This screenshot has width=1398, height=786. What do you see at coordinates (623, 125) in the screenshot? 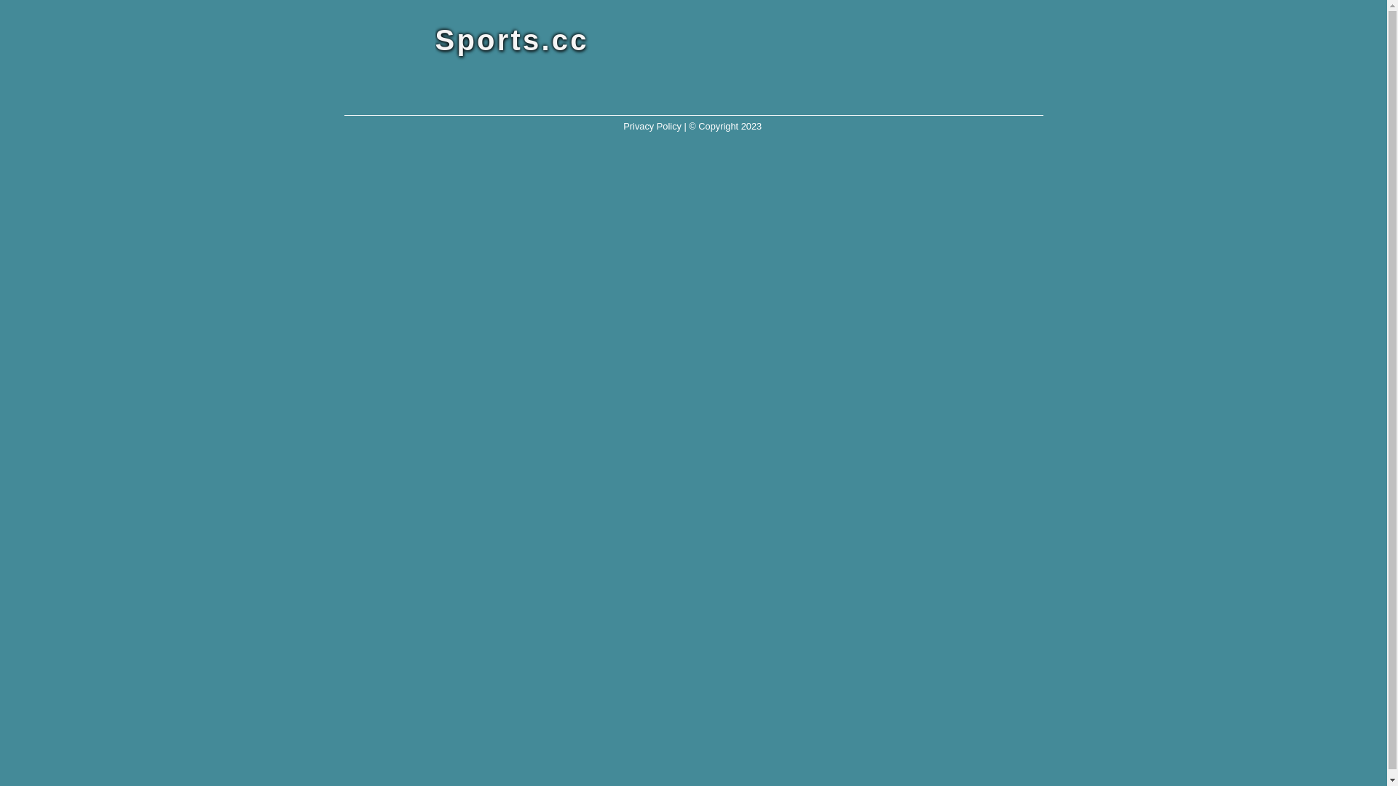
I see `'Privacy Policy'` at bounding box center [623, 125].